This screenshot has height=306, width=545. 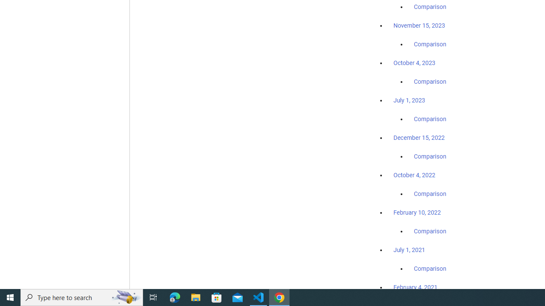 What do you see at coordinates (414, 62) in the screenshot?
I see `'October 4, 2023'` at bounding box center [414, 62].